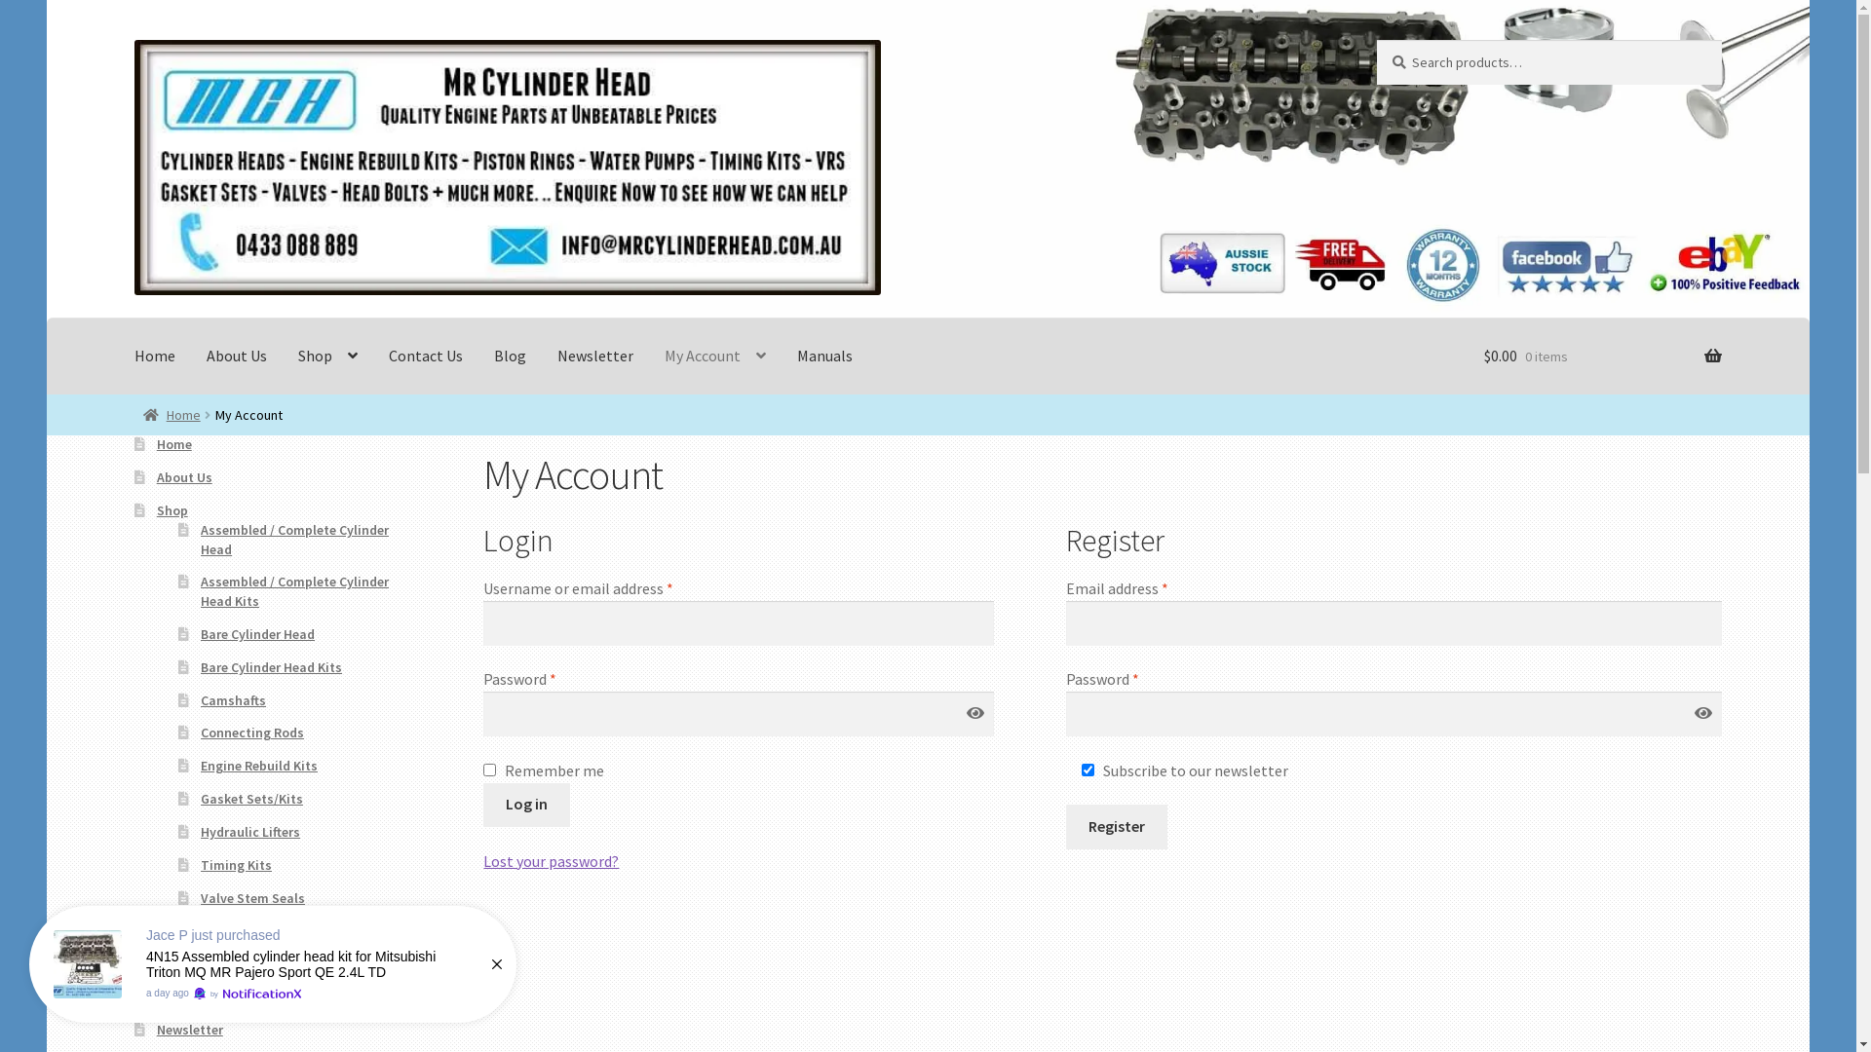 The height and width of the screenshot is (1052, 1871). What do you see at coordinates (1375, 39) in the screenshot?
I see `'Search'` at bounding box center [1375, 39].